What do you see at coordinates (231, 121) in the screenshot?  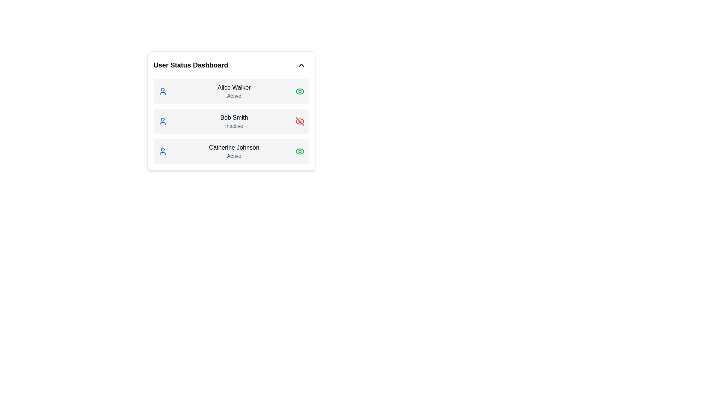 I see `the status of the List Item for 'Bob Smith' to understand the user's activity, which is indicated as 'Inactive' below the profile name` at bounding box center [231, 121].